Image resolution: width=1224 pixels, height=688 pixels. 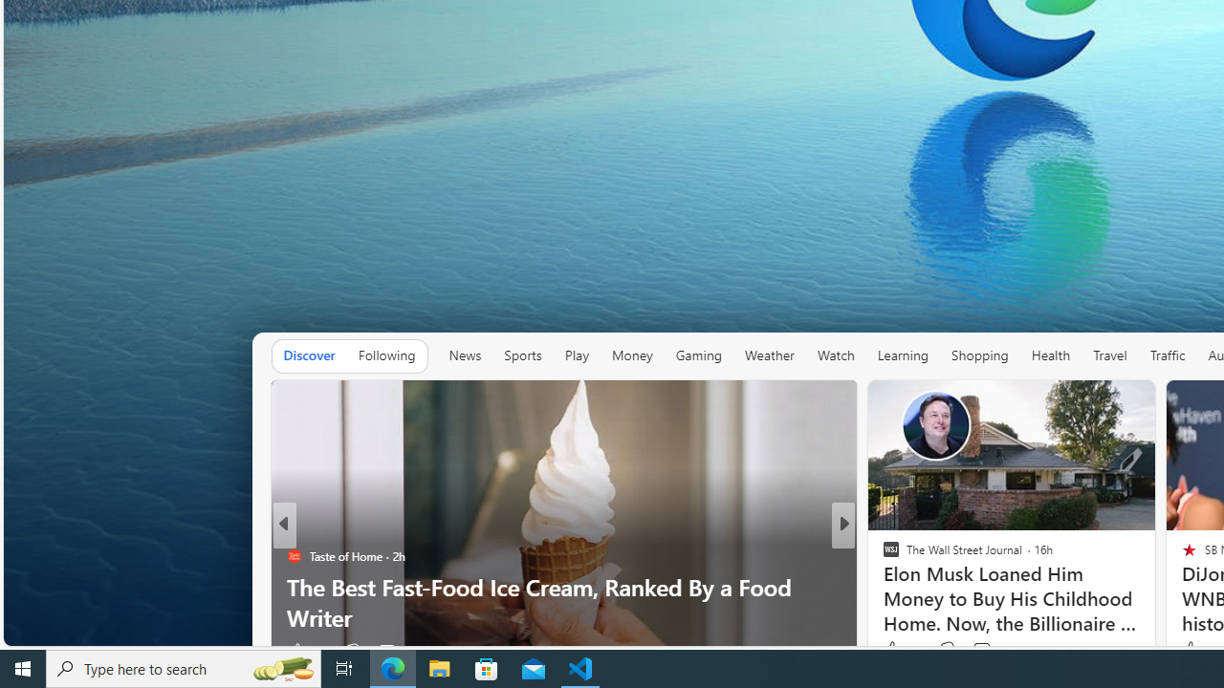 What do you see at coordinates (770, 355) in the screenshot?
I see `'Weather'` at bounding box center [770, 355].